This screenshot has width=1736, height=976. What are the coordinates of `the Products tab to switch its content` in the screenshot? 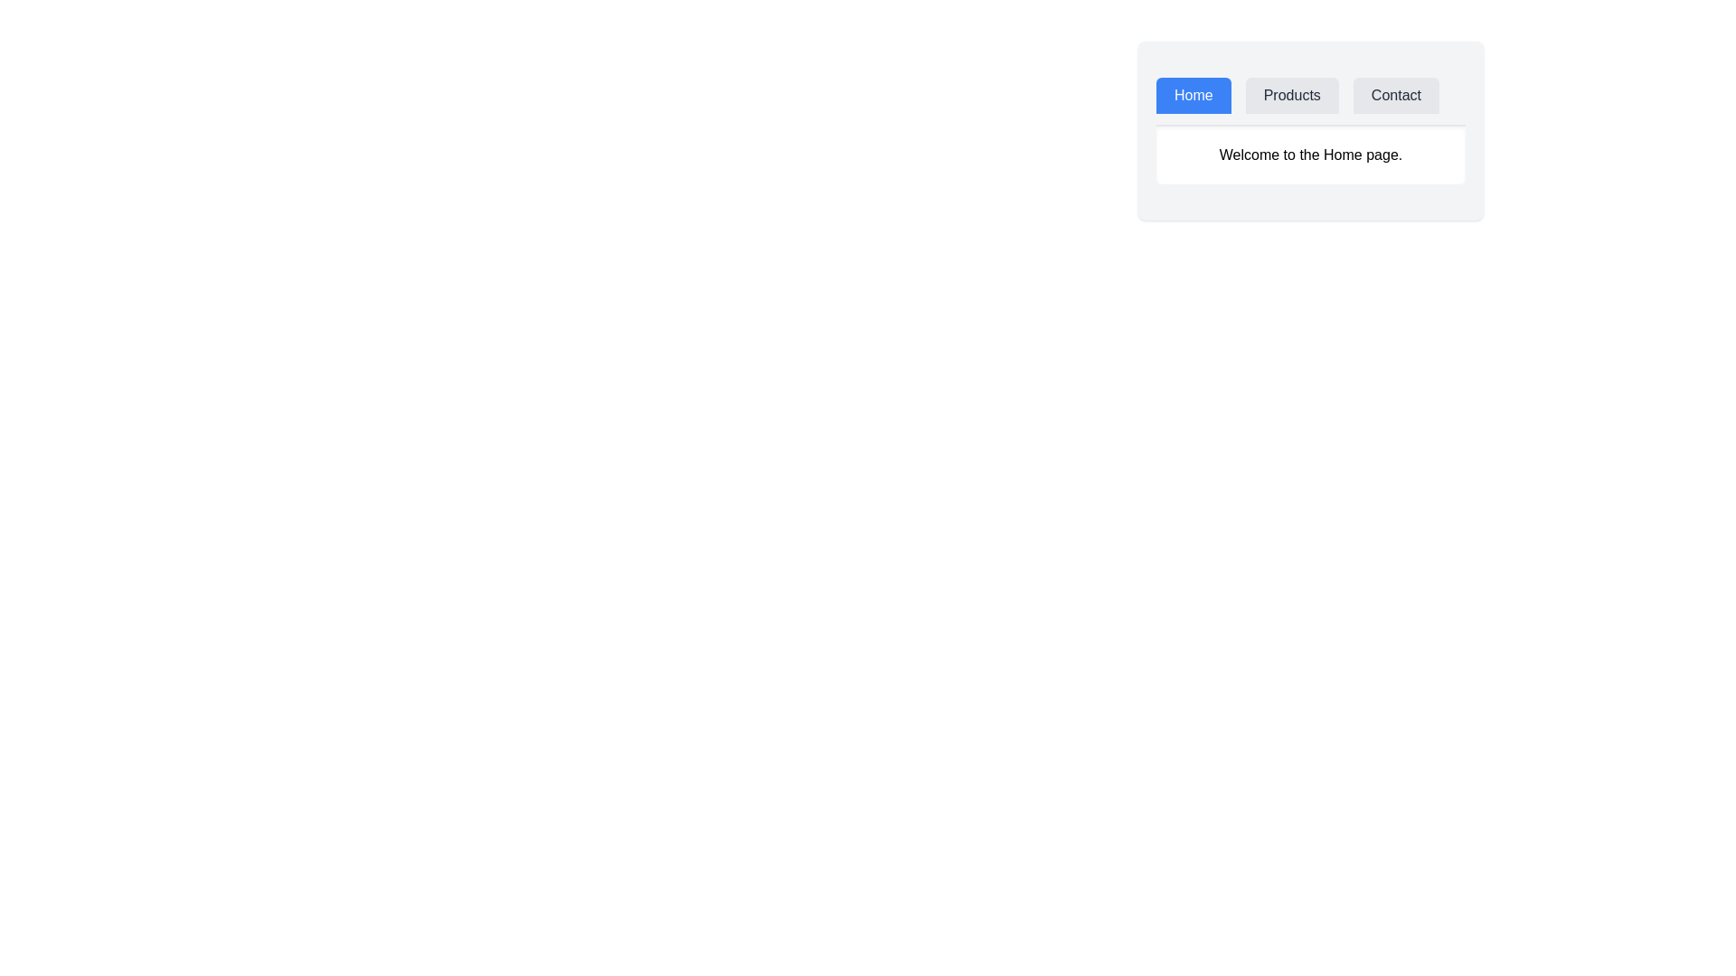 It's located at (1291, 95).